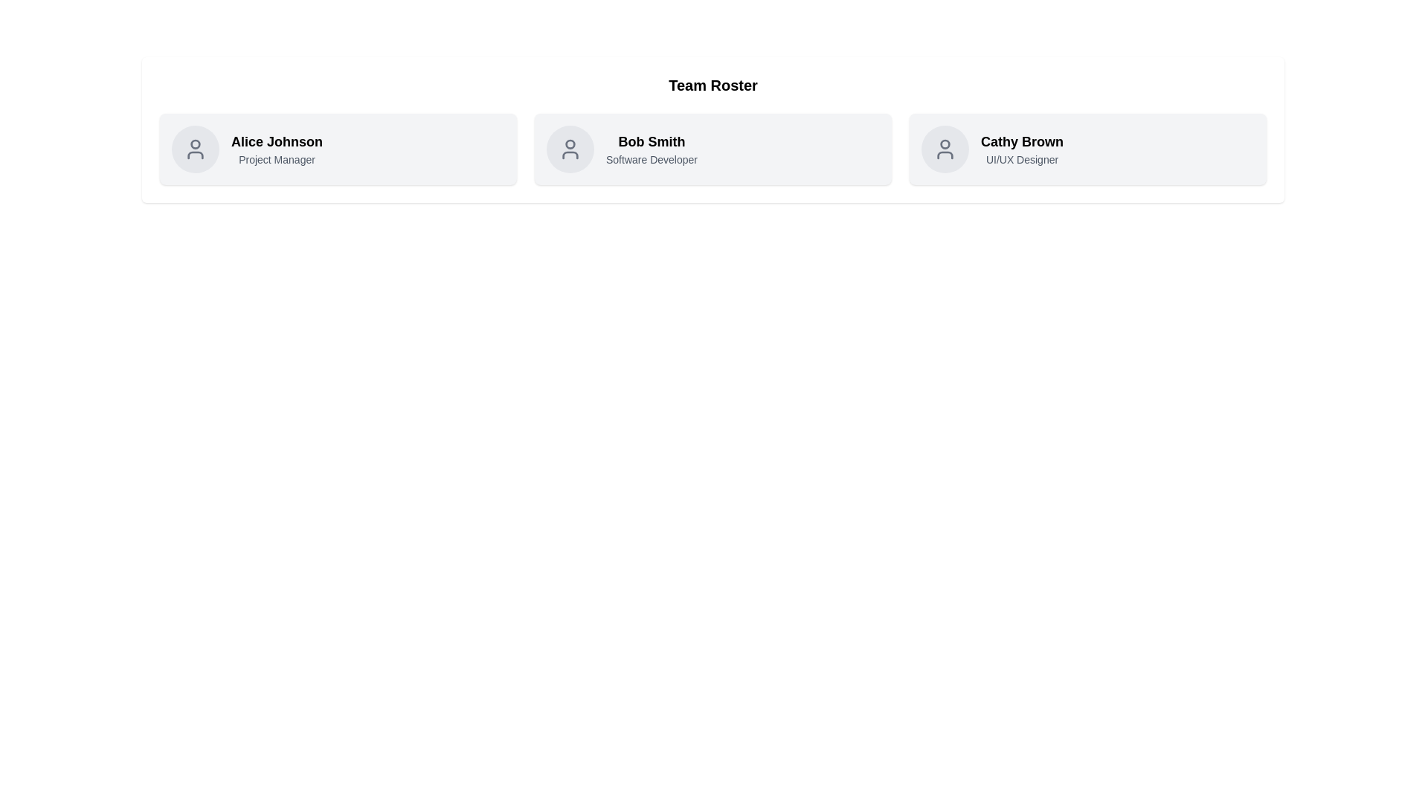 This screenshot has width=1428, height=803. Describe the element at coordinates (713, 149) in the screenshot. I see `the card component displaying 'Bob Smith' and 'Software Developer' in the Team Roster section` at that location.